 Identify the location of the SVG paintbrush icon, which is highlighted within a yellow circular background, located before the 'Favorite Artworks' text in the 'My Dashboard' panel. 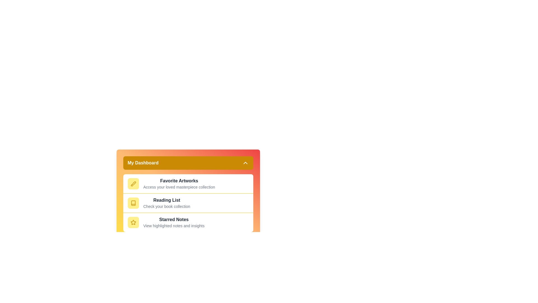
(133, 184).